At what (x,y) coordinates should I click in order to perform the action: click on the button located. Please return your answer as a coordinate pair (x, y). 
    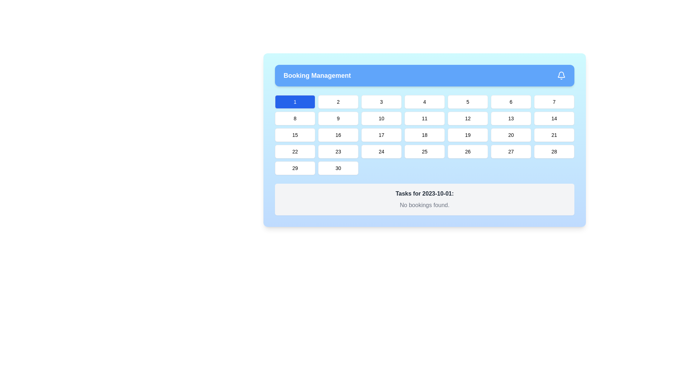
    Looking at the image, I should click on (511, 135).